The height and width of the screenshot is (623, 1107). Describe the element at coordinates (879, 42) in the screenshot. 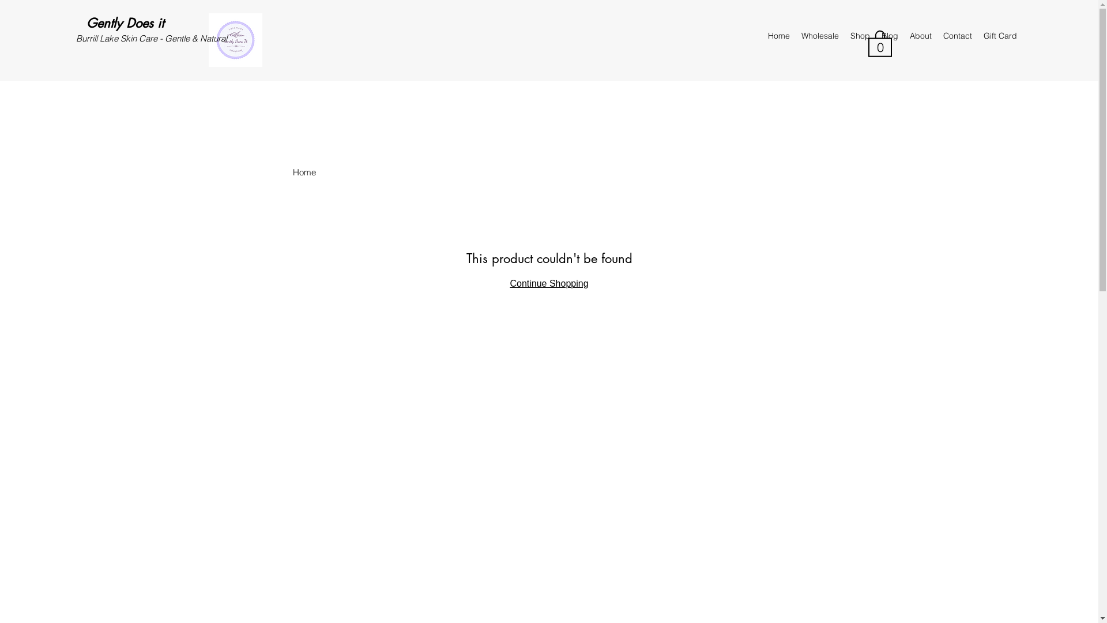

I see `'0'` at that location.